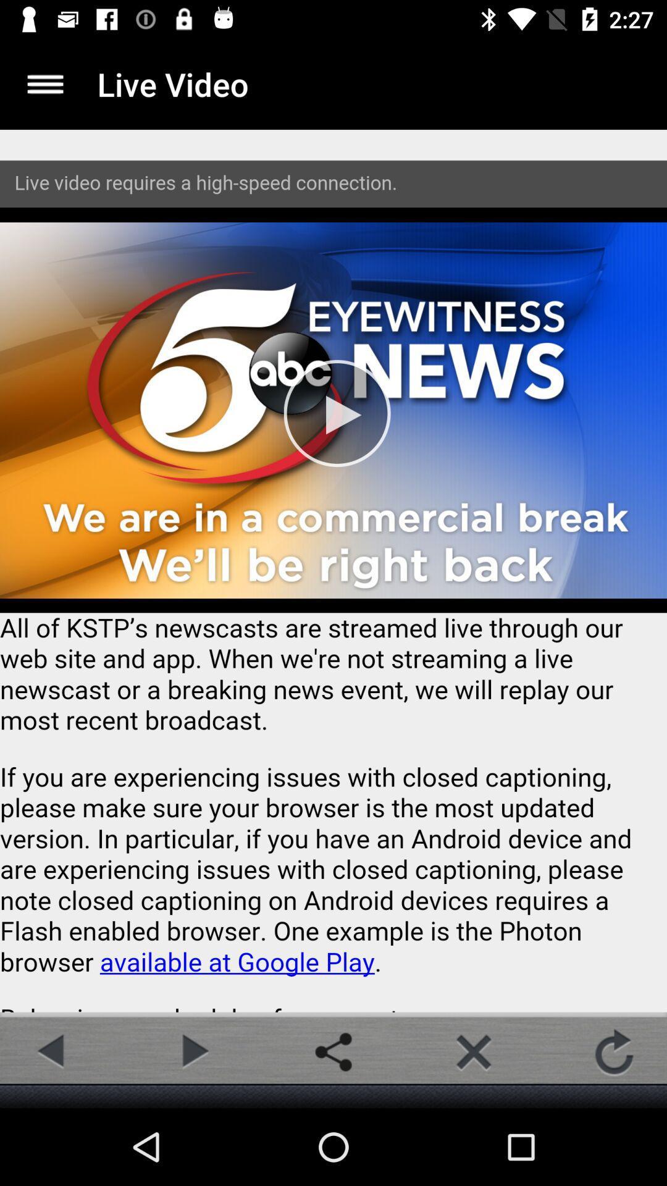  What do you see at coordinates (333, 570) in the screenshot?
I see `live video pages` at bounding box center [333, 570].